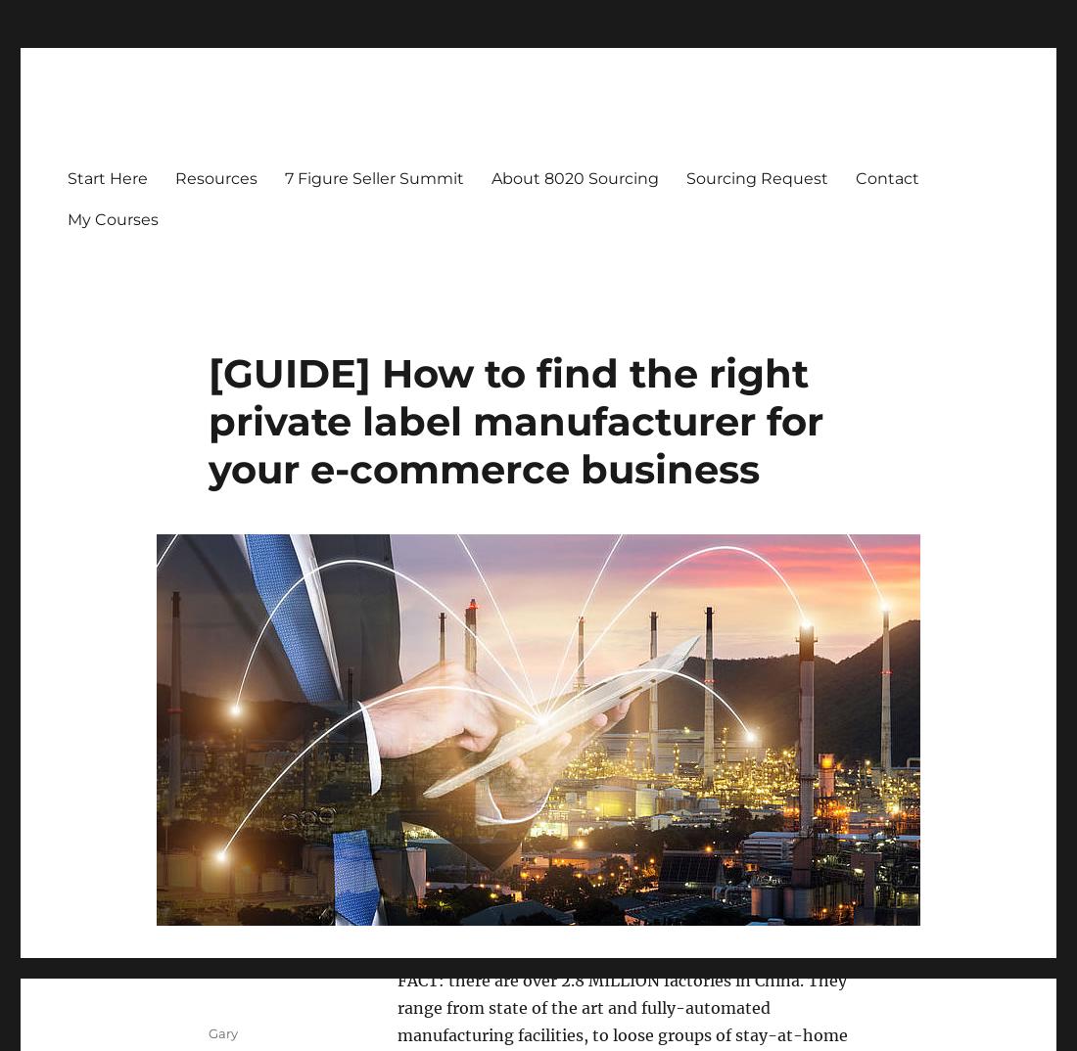  I want to click on 'd', so click(3, 12).